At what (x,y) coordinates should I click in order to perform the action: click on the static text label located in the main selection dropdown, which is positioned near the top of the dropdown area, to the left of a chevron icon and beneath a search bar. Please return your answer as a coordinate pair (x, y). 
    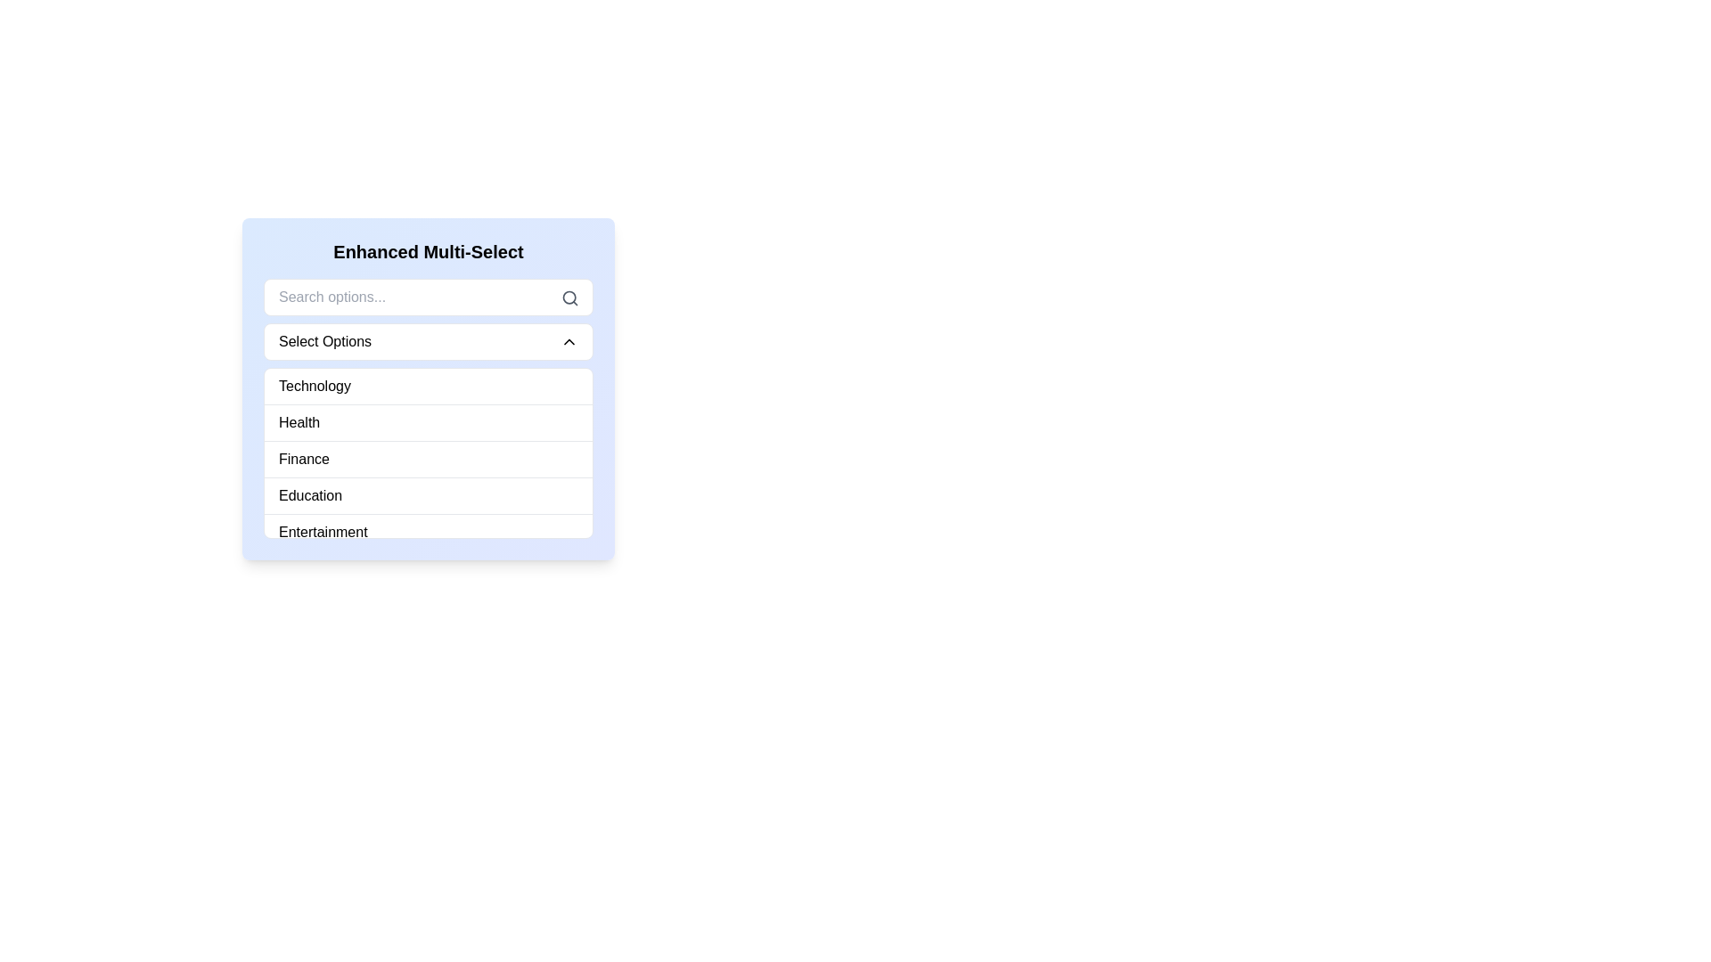
    Looking at the image, I should click on (324, 342).